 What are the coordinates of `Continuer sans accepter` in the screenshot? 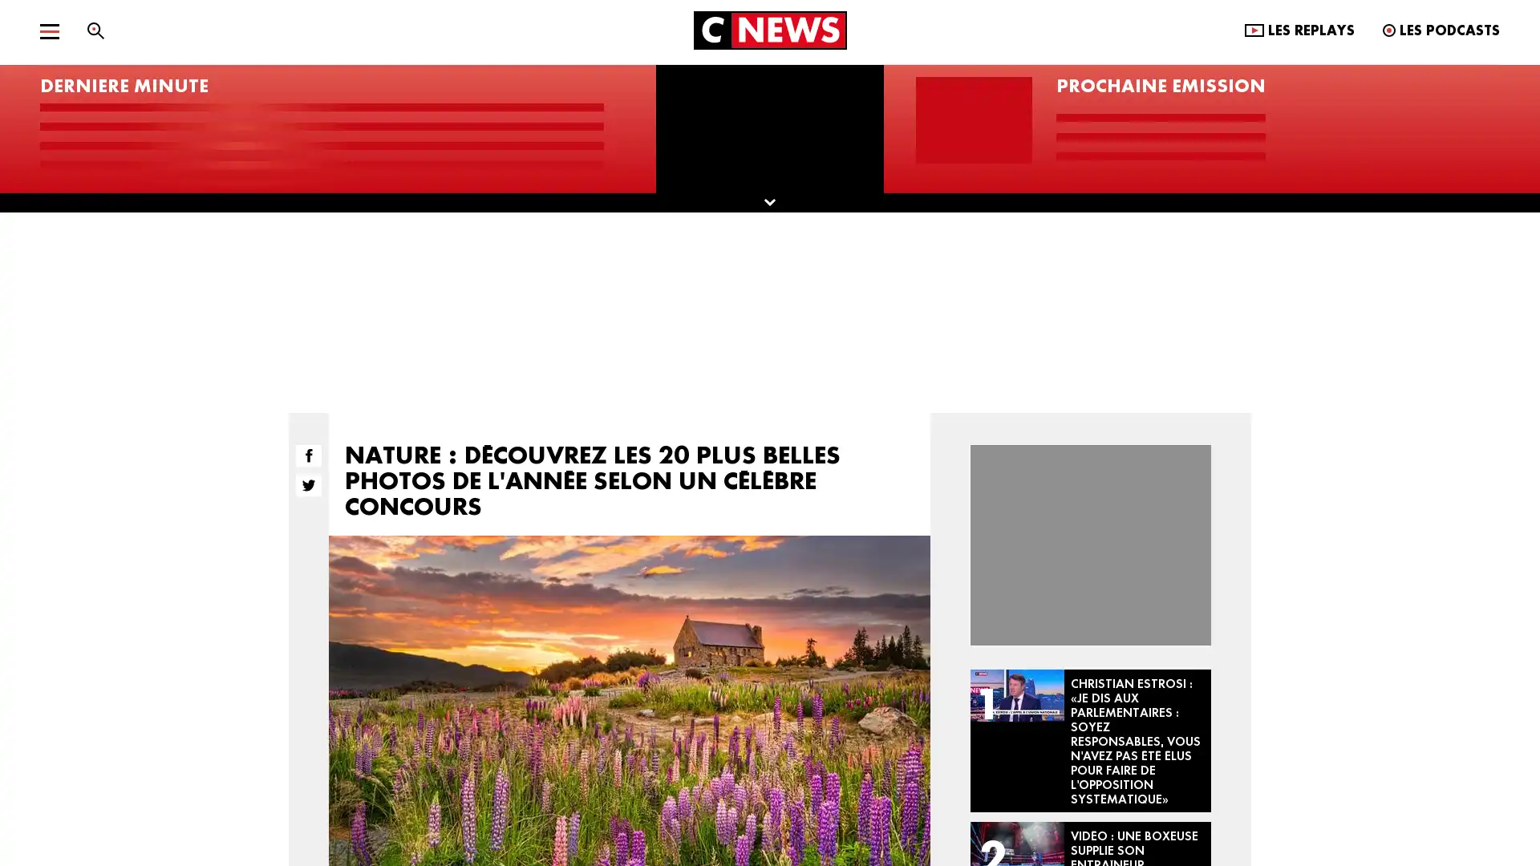 It's located at (946, 247).